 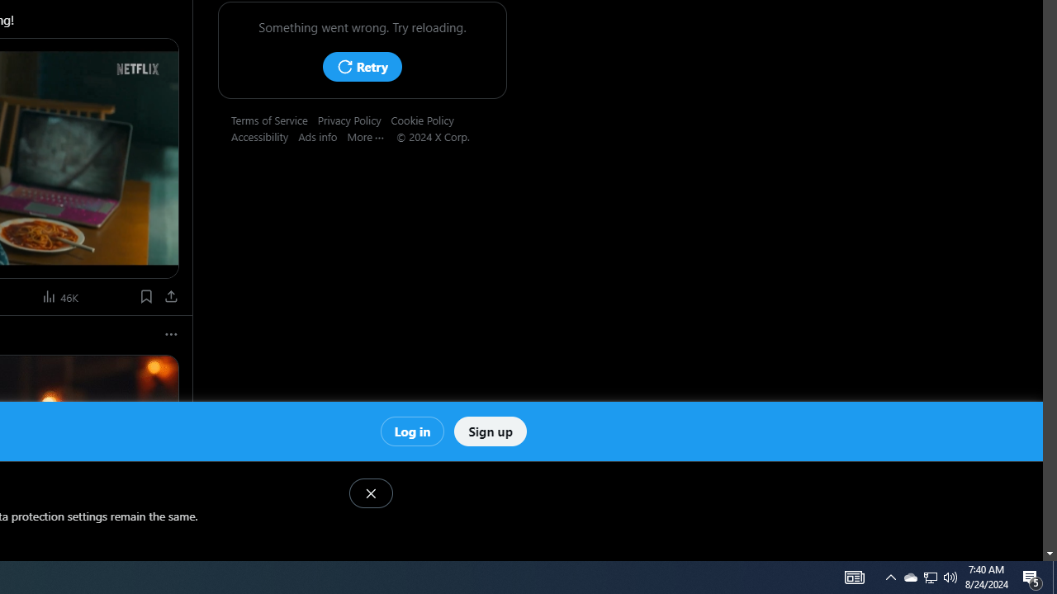 I want to click on 'Share post', so click(x=172, y=295).